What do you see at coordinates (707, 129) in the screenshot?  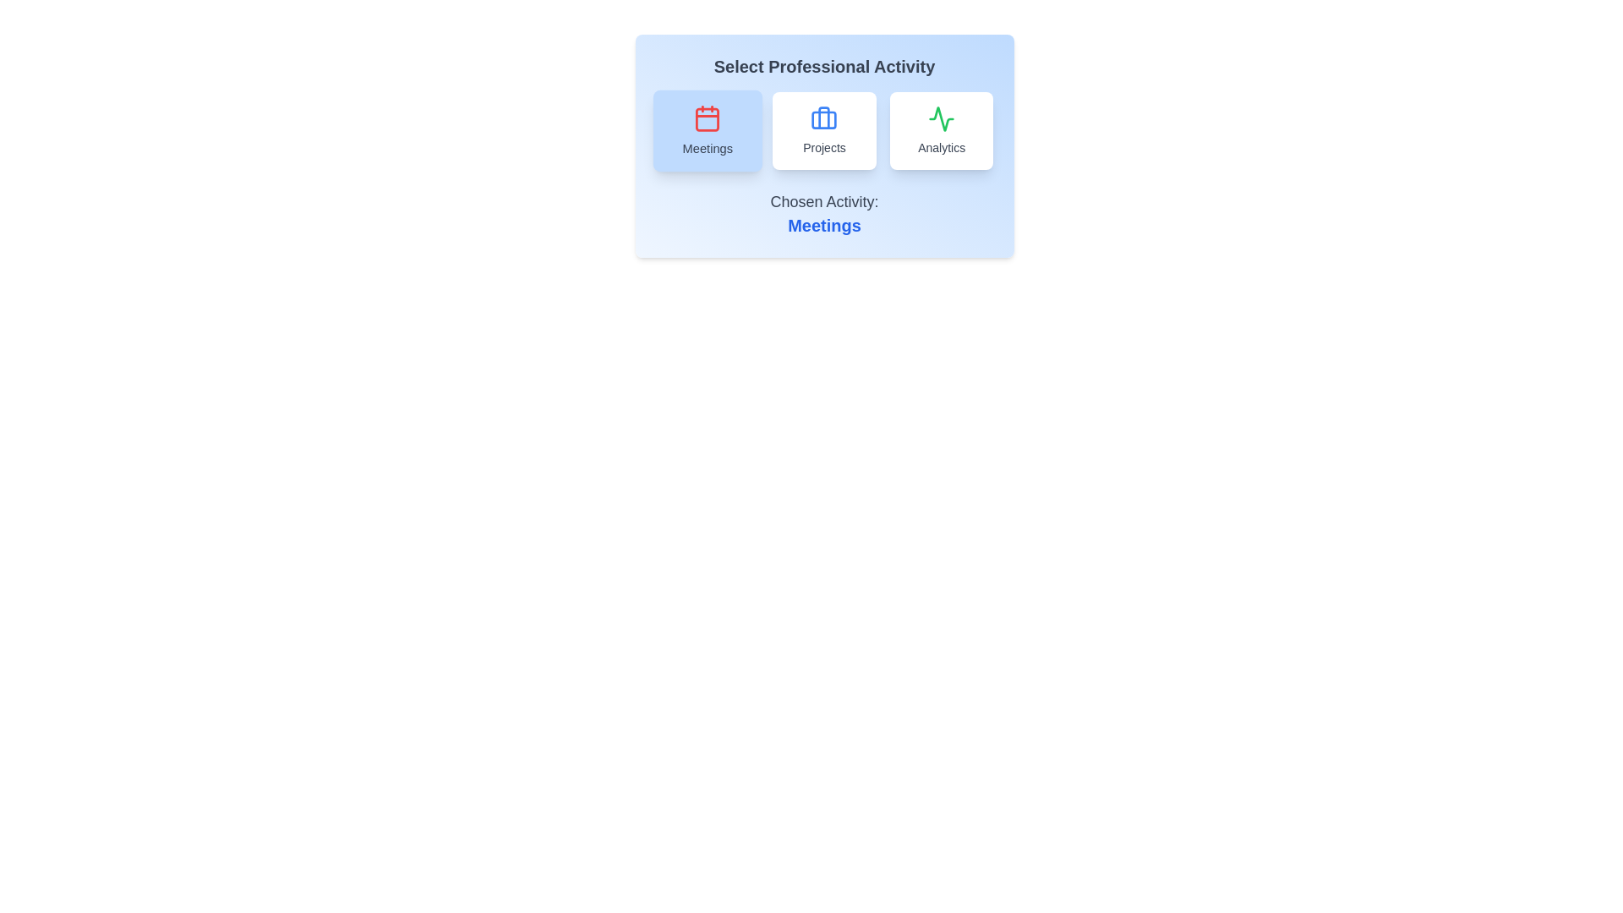 I see `the button corresponding to the activity Meetings to select it` at bounding box center [707, 129].